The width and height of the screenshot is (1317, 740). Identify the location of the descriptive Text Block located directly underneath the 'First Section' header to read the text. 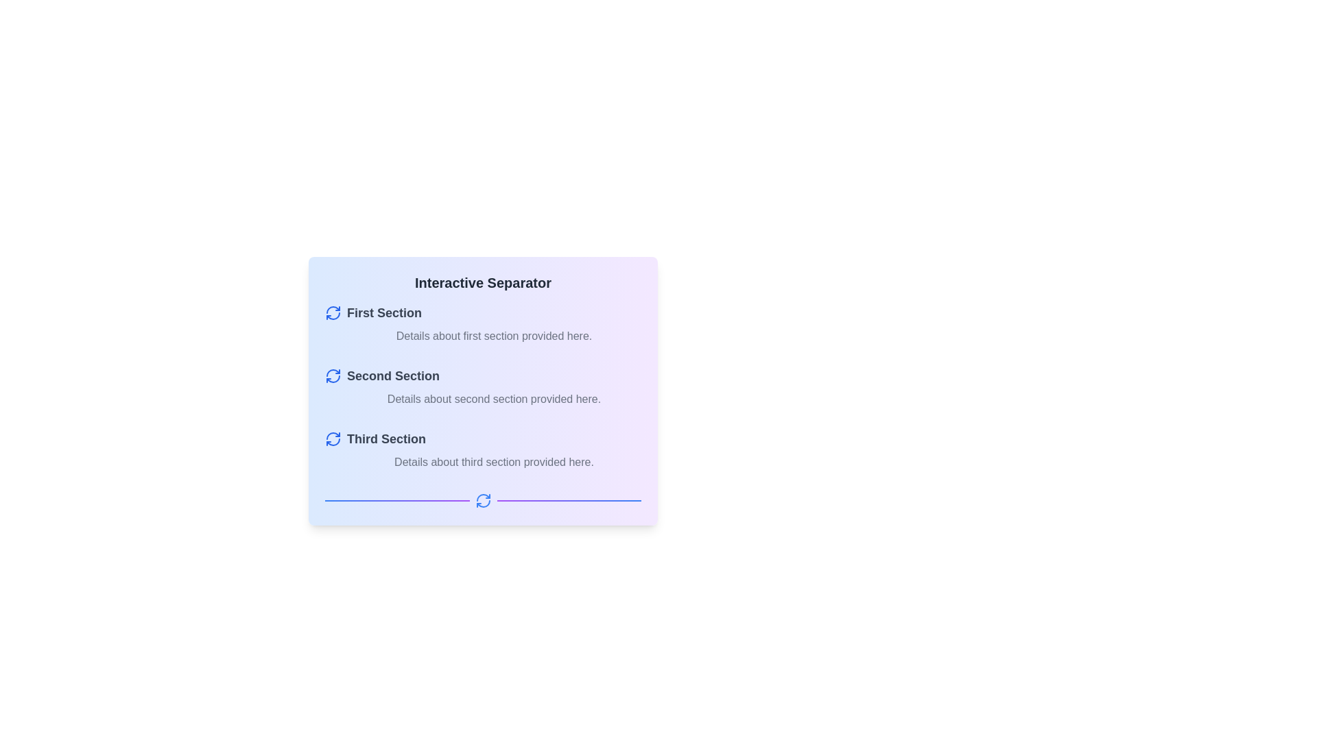
(483, 336).